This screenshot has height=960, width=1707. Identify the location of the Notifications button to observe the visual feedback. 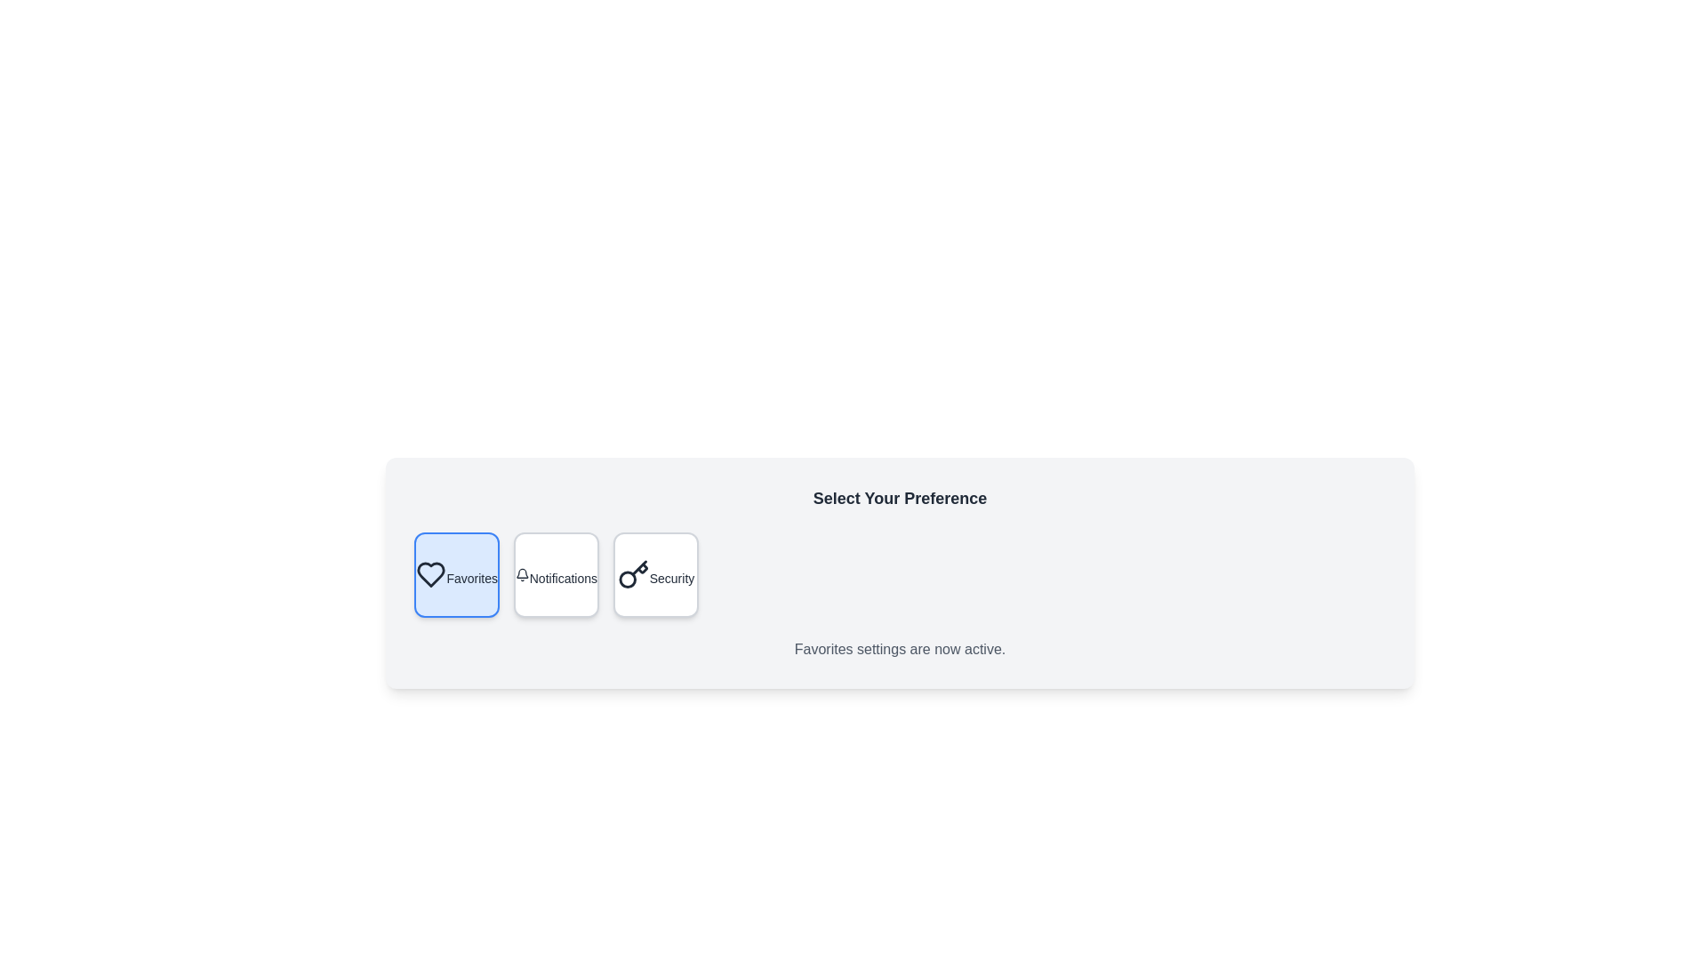
(555, 575).